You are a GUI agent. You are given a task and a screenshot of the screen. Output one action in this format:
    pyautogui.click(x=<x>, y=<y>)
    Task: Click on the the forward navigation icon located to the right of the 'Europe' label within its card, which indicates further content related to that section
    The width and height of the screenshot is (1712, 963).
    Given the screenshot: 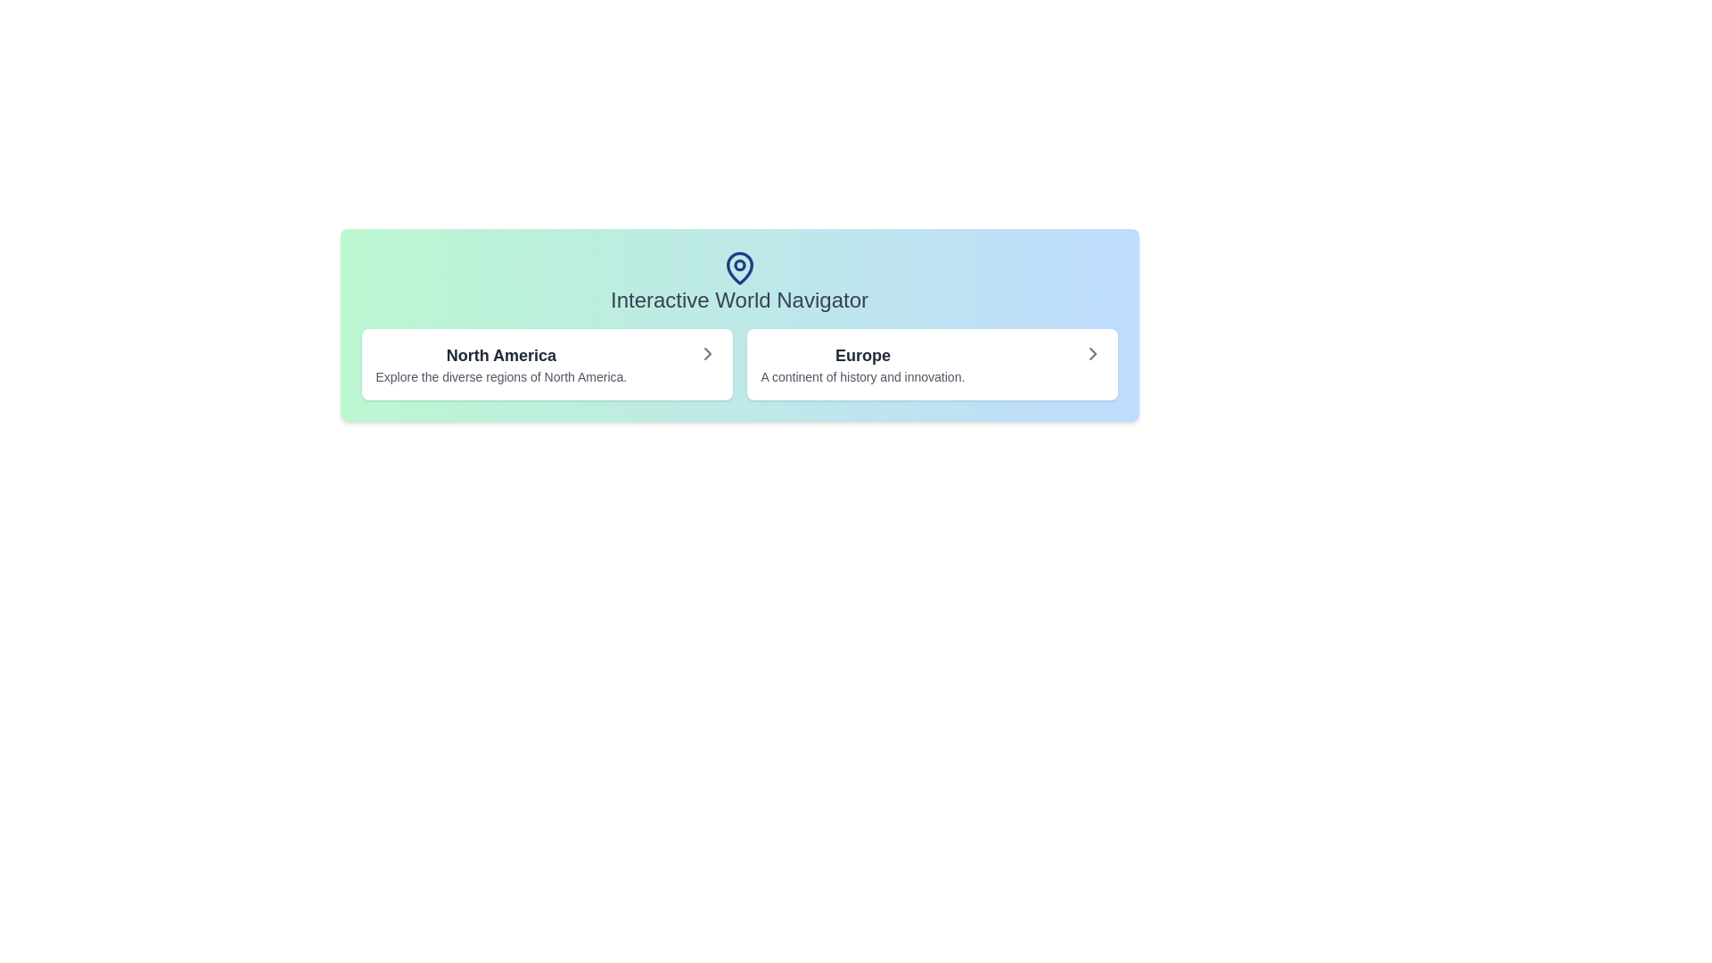 What is the action you would take?
    pyautogui.click(x=1091, y=354)
    